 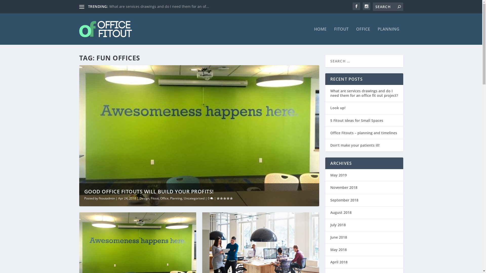 I want to click on 'September 2018', so click(x=344, y=200).